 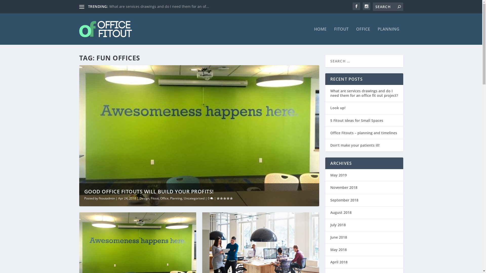 I want to click on 'September 2018', so click(x=344, y=200).